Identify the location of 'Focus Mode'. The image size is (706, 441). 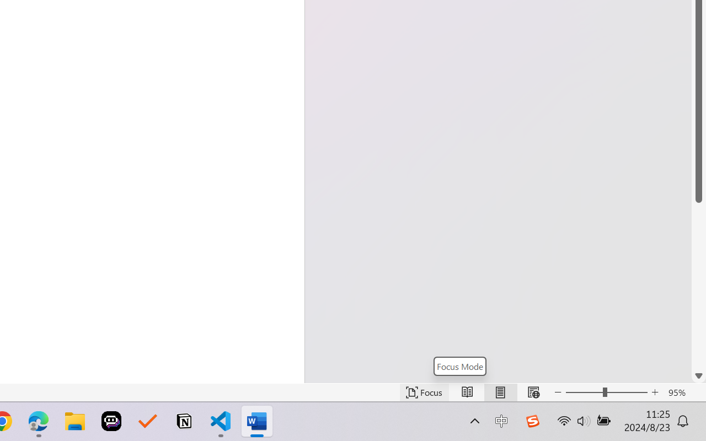
(459, 365).